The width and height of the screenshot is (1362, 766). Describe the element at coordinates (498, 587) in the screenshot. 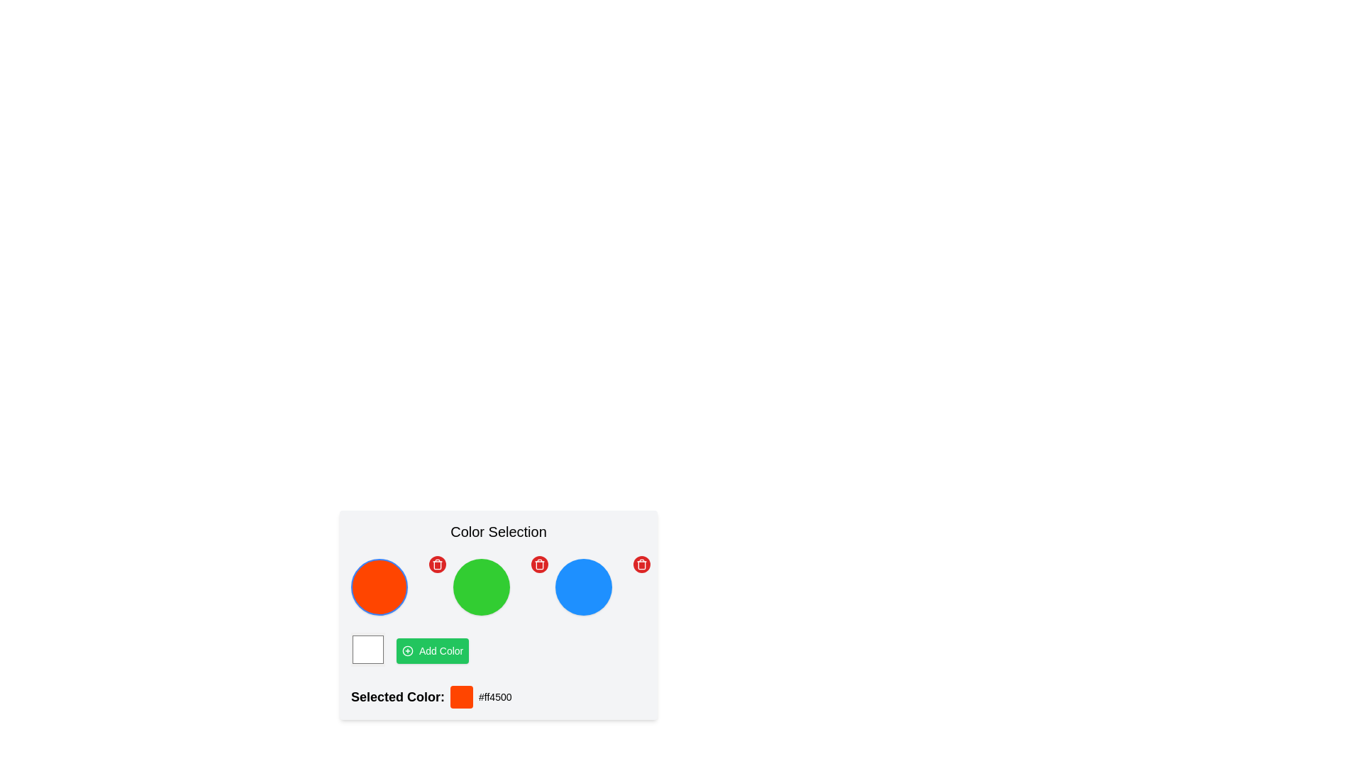

I see `the middle green color option in the grid under the 'Color Selection' title` at that location.